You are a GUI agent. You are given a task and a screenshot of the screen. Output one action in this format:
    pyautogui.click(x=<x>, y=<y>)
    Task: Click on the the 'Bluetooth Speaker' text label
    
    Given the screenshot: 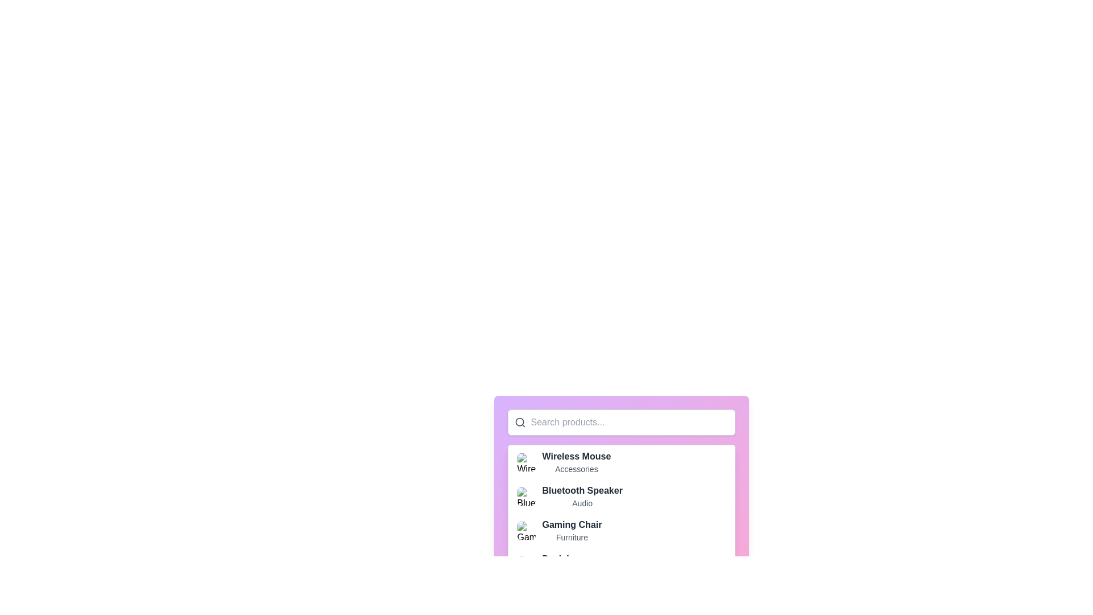 What is the action you would take?
    pyautogui.click(x=582, y=495)
    